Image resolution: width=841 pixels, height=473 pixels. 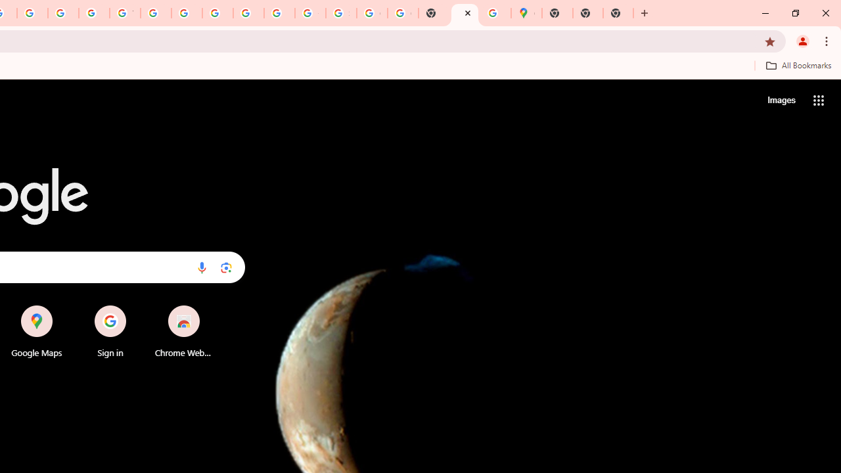 I want to click on 'New Tab', so click(x=557, y=13).